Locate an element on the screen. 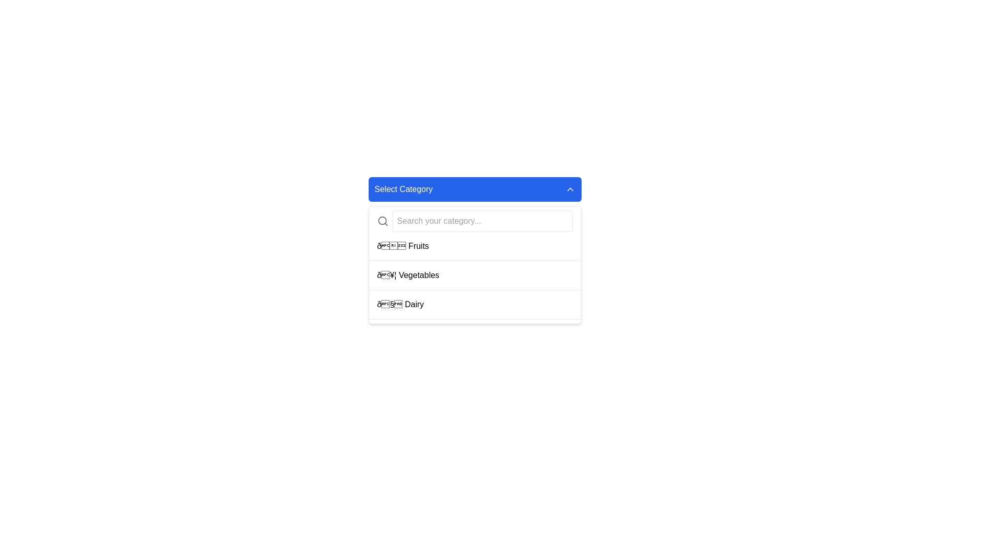 The width and height of the screenshot is (983, 553). the 'Vegetables' option in the dropdown menu located beneath the title 'Select Category', which is the second item listed is located at coordinates (408, 274).